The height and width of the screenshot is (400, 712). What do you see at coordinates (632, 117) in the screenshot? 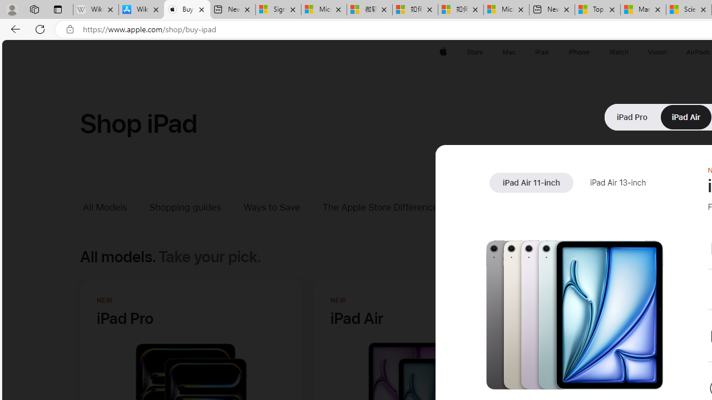
I see `'iPad Pro'` at bounding box center [632, 117].